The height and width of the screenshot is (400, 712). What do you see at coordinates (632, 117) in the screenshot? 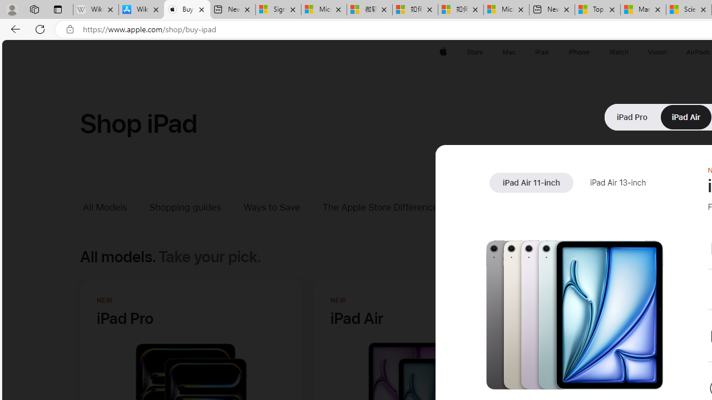
I see `'iPad Pro'` at bounding box center [632, 117].